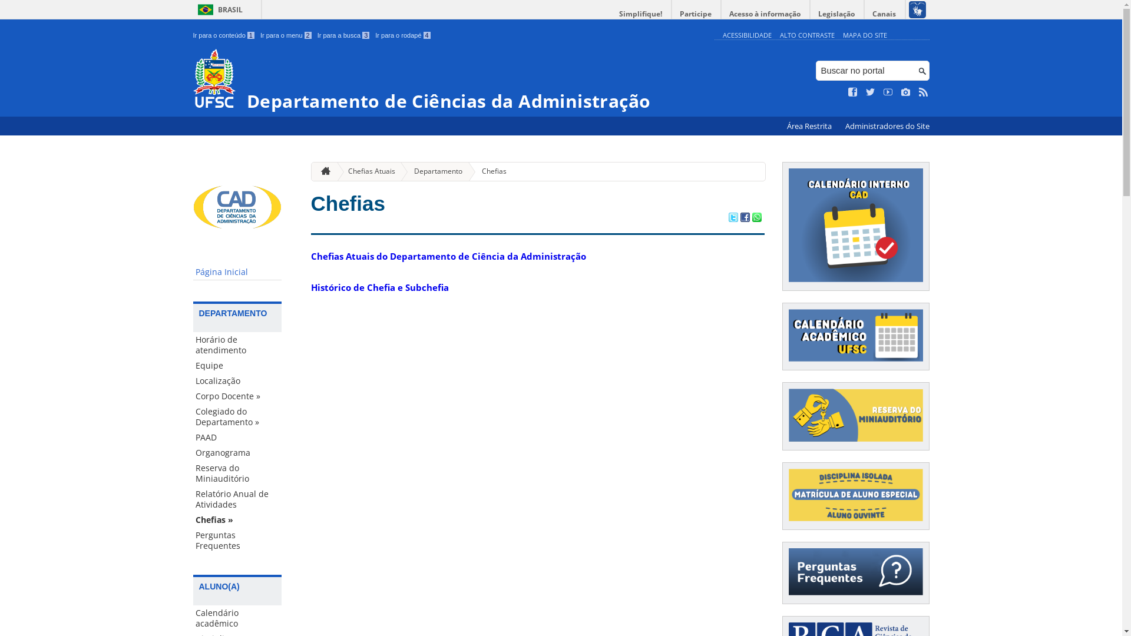 The width and height of the screenshot is (1131, 636). I want to click on 'ALTO CONTRASTE', so click(780, 34).